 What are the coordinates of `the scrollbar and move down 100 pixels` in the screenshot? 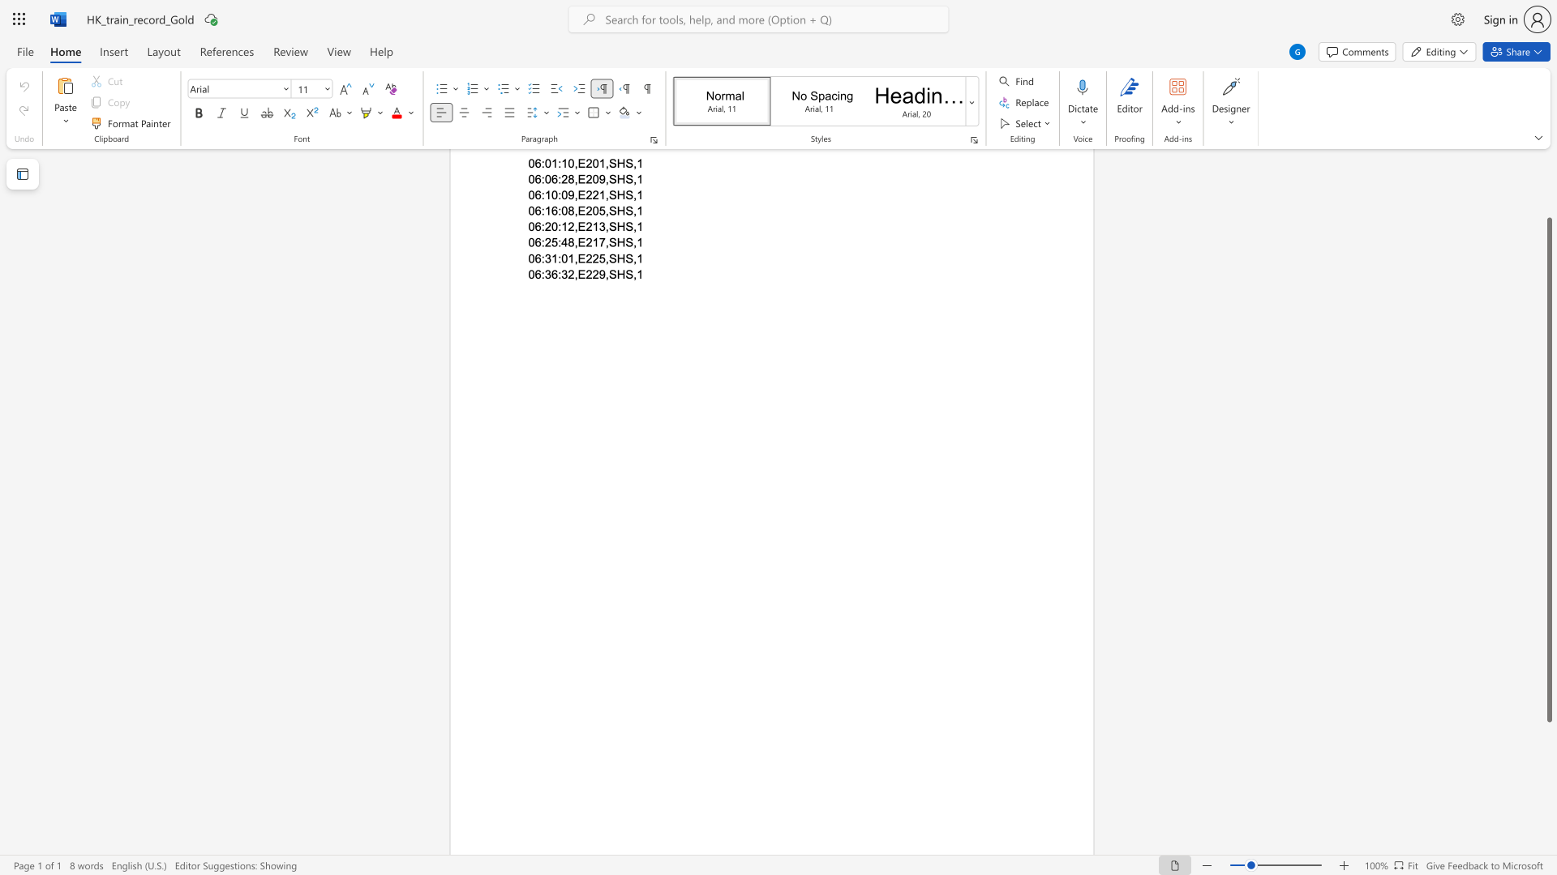 It's located at (1548, 470).